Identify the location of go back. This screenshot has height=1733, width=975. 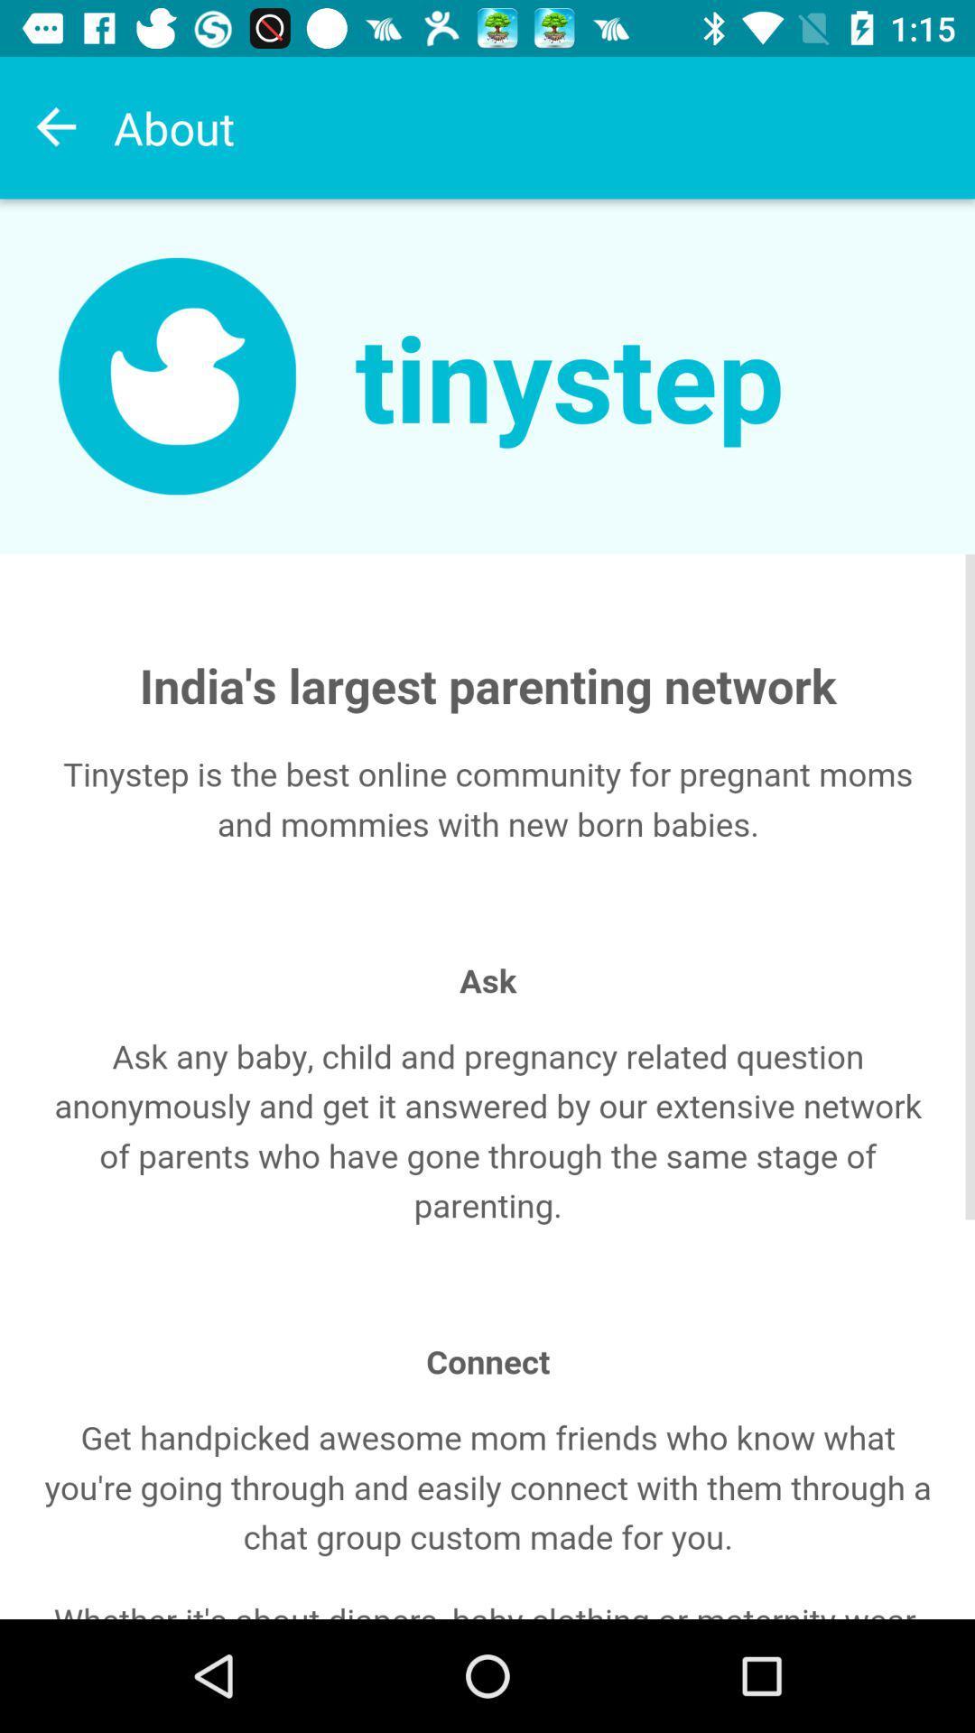
(55, 126).